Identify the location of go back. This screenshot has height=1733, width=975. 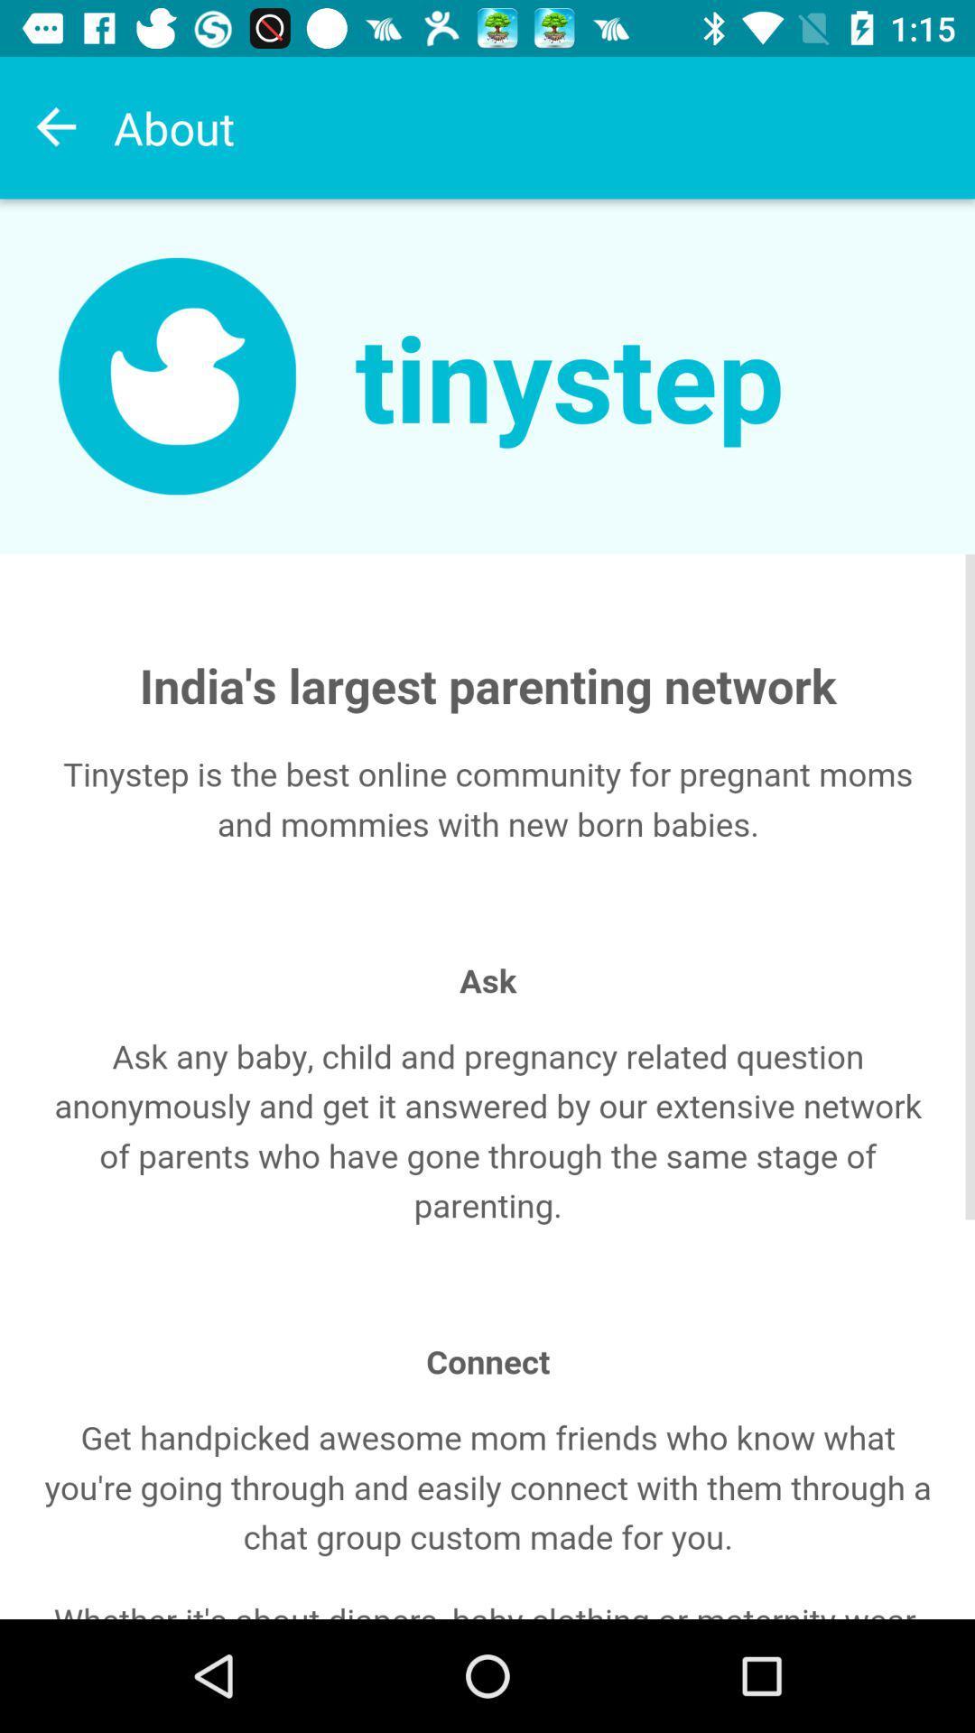
(55, 126).